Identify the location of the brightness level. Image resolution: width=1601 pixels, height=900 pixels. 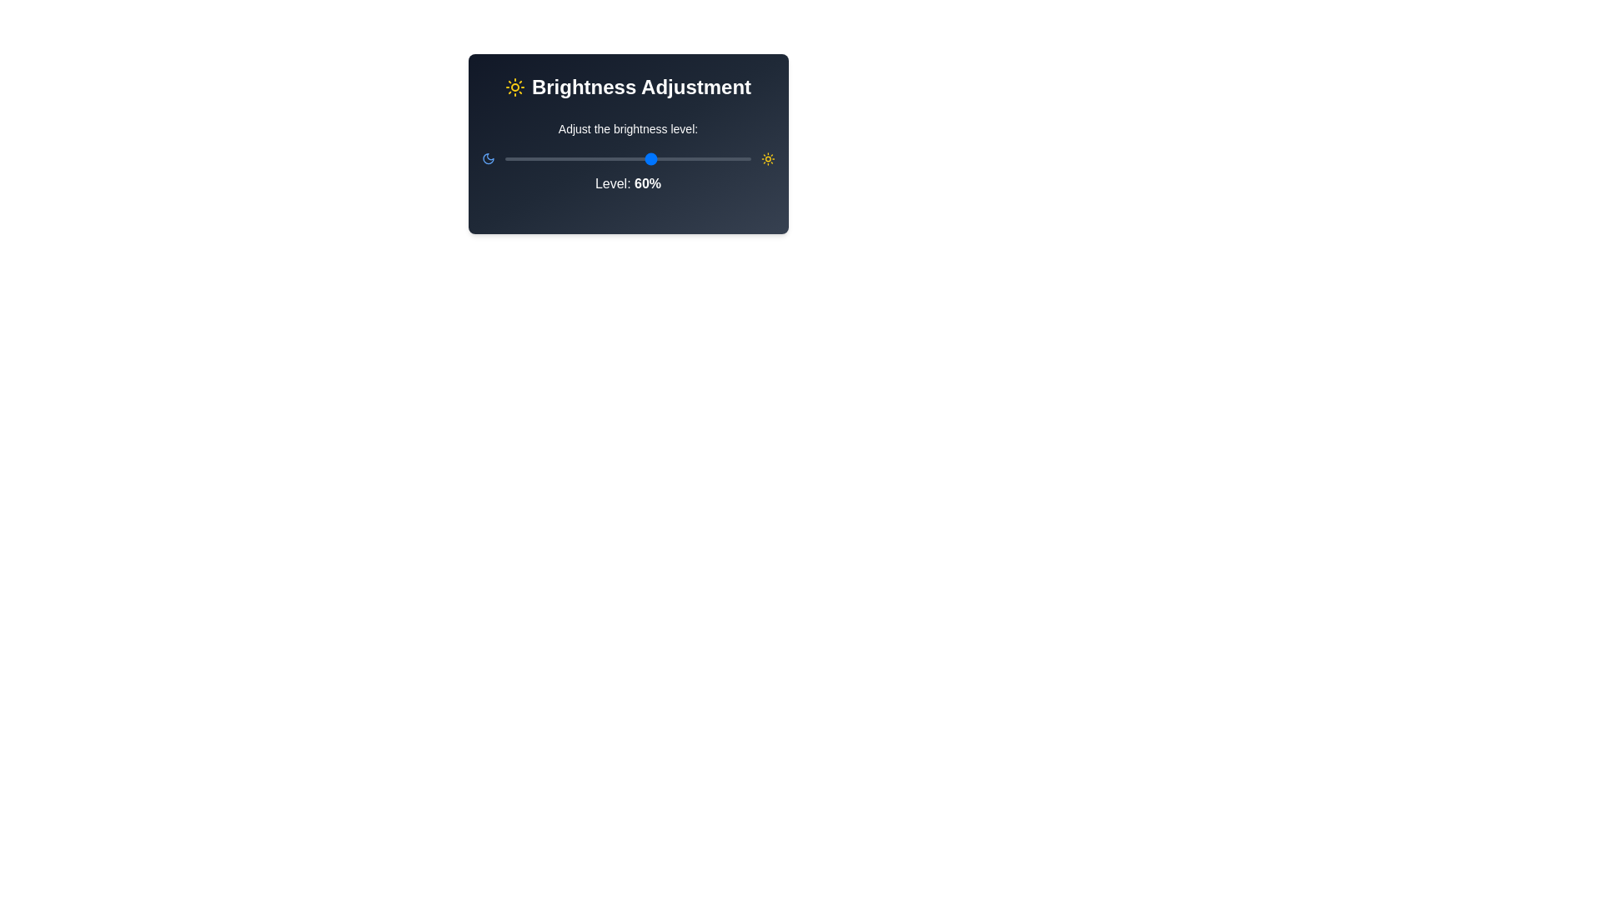
(603, 159).